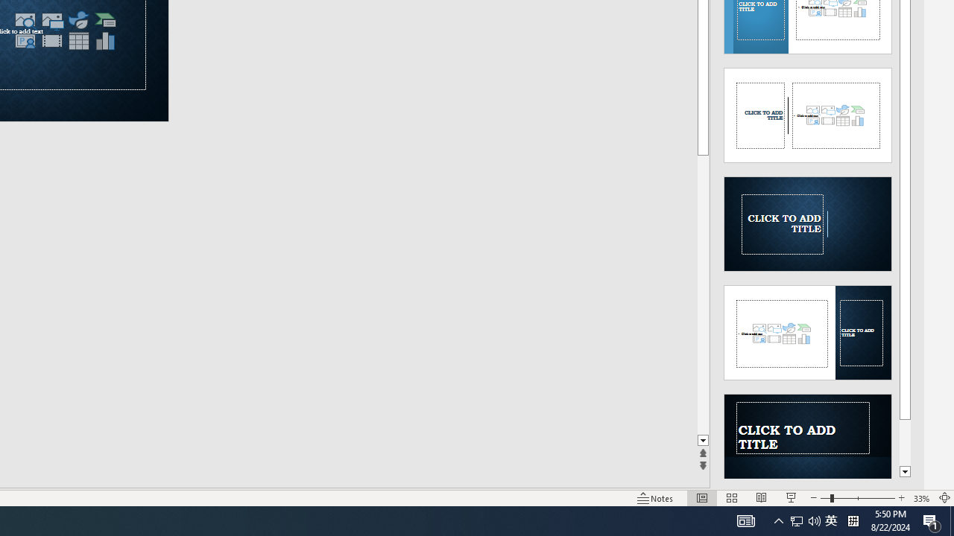 The width and height of the screenshot is (954, 536). Describe the element at coordinates (78, 40) in the screenshot. I see `'Insert Table'` at that location.